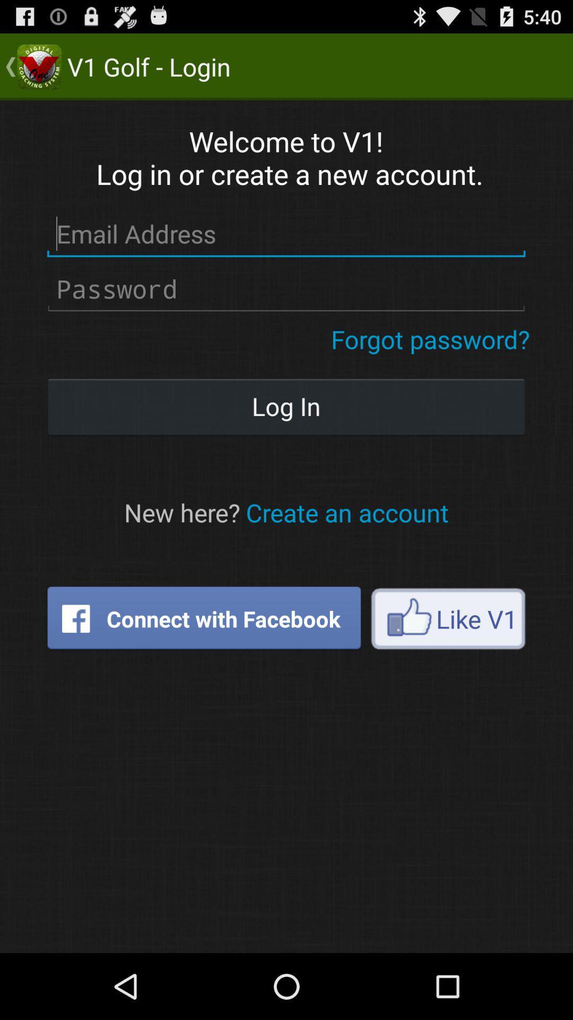  What do you see at coordinates (448, 618) in the screenshot?
I see `like v1 item` at bounding box center [448, 618].